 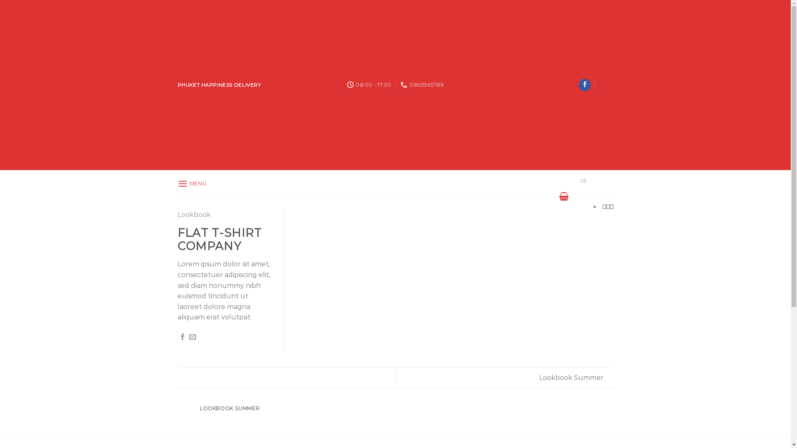 What do you see at coordinates (182, 337) in the screenshot?
I see `'Share on Facebook'` at bounding box center [182, 337].